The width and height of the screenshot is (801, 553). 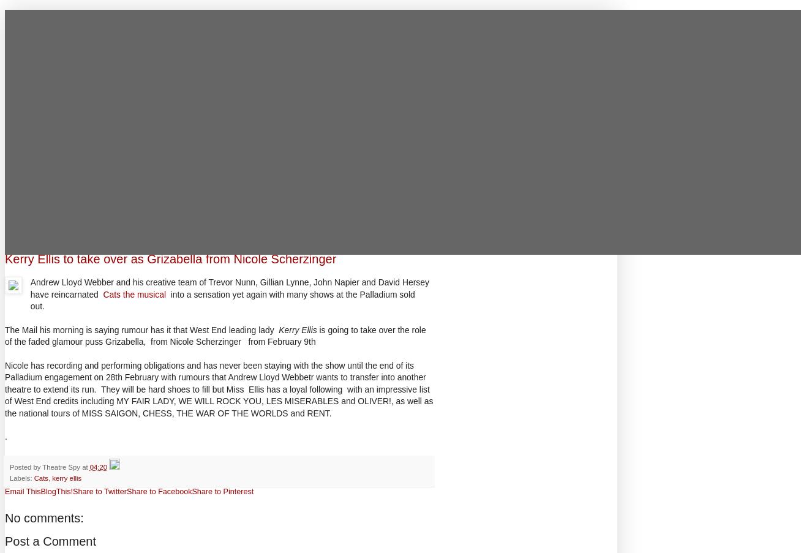 What do you see at coordinates (81, 17) in the screenshot?
I see `'Musical Theatre News'` at bounding box center [81, 17].